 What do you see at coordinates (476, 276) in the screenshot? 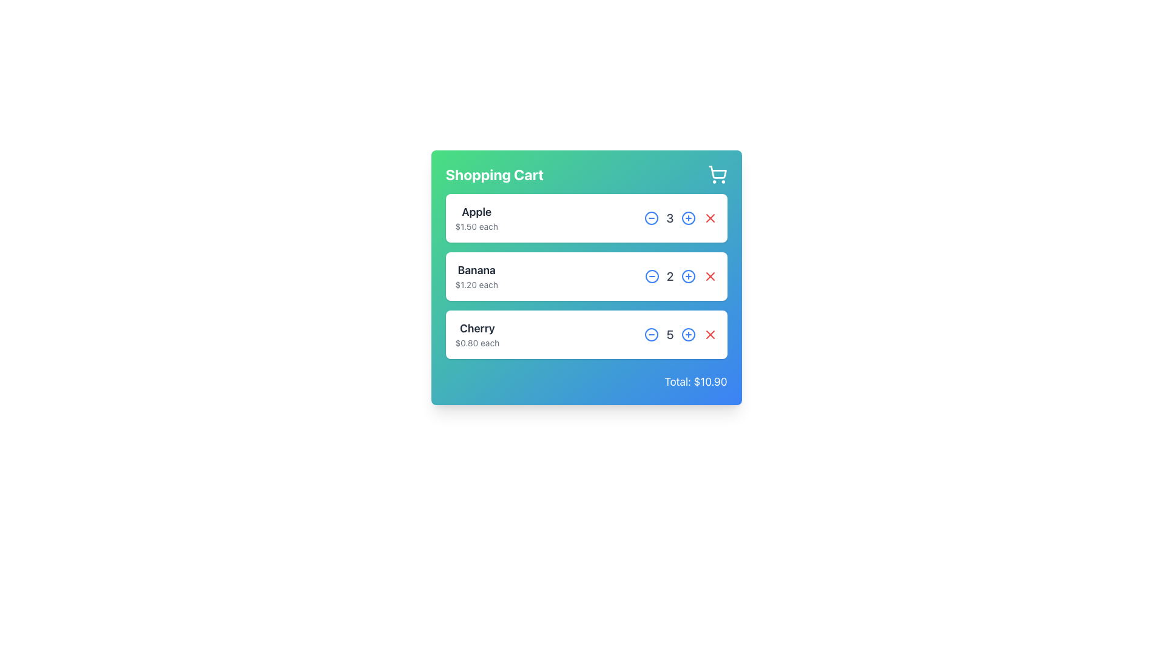
I see `the Text Display element that shows 'Banana' and '$1.20 each', positioned in the shopping cart interface between 'Apple' and 'Cherry'` at bounding box center [476, 276].